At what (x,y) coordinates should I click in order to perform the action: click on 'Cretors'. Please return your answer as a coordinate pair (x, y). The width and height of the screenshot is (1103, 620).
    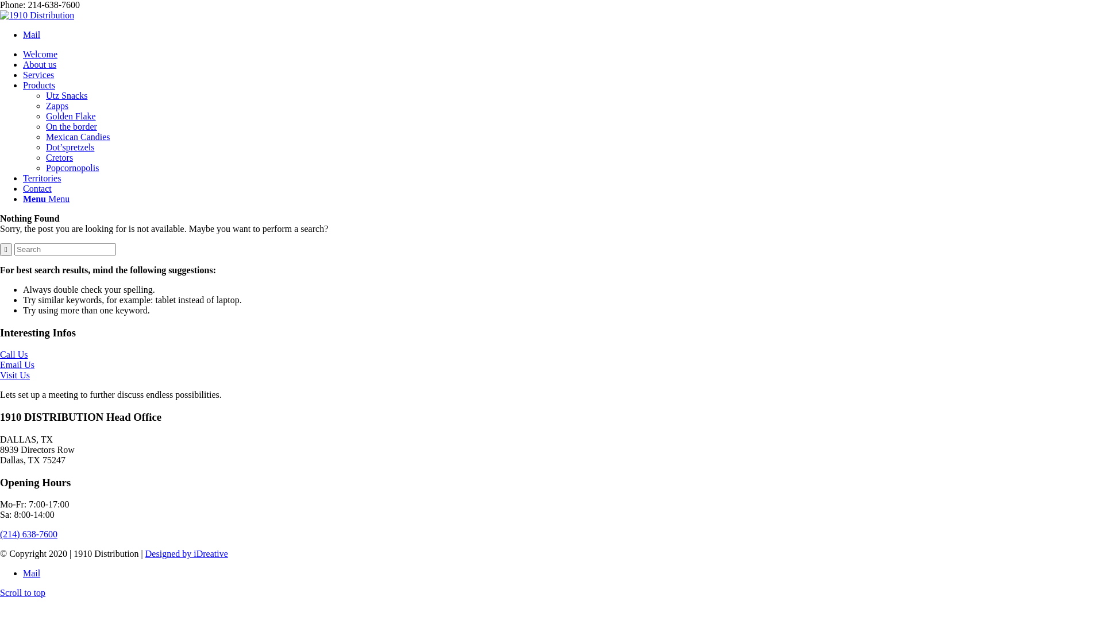
    Looking at the image, I should click on (59, 157).